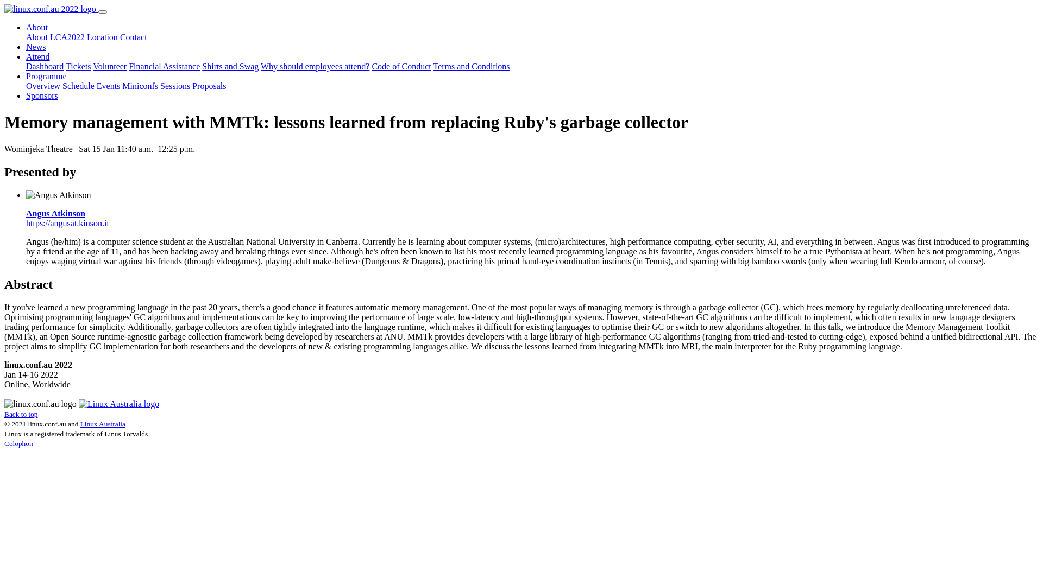  I want to click on 'Volunteer', so click(109, 66).